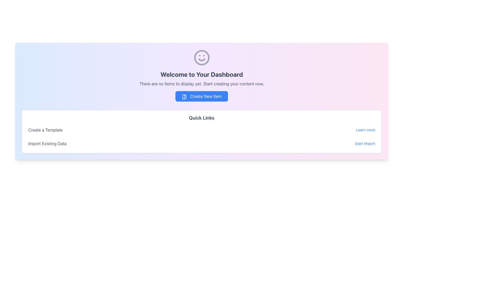 The image size is (502, 282). Describe the element at coordinates (201, 57) in the screenshot. I see `the smiley face icon, which is a circular outline filled with light color, located at the top middle of the interface just above the text 'Welcome to Your Dashboard'` at that location.